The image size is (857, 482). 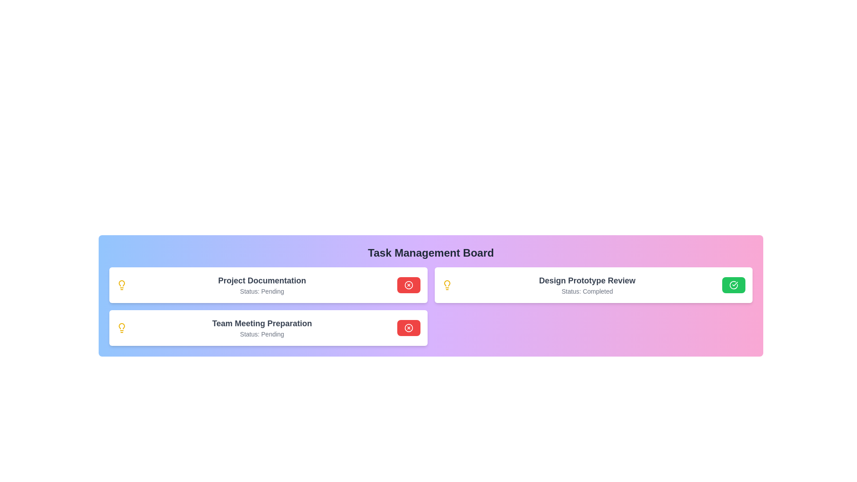 I want to click on the header area labeled 'Task Management Board' to engage with it, so click(x=431, y=253).